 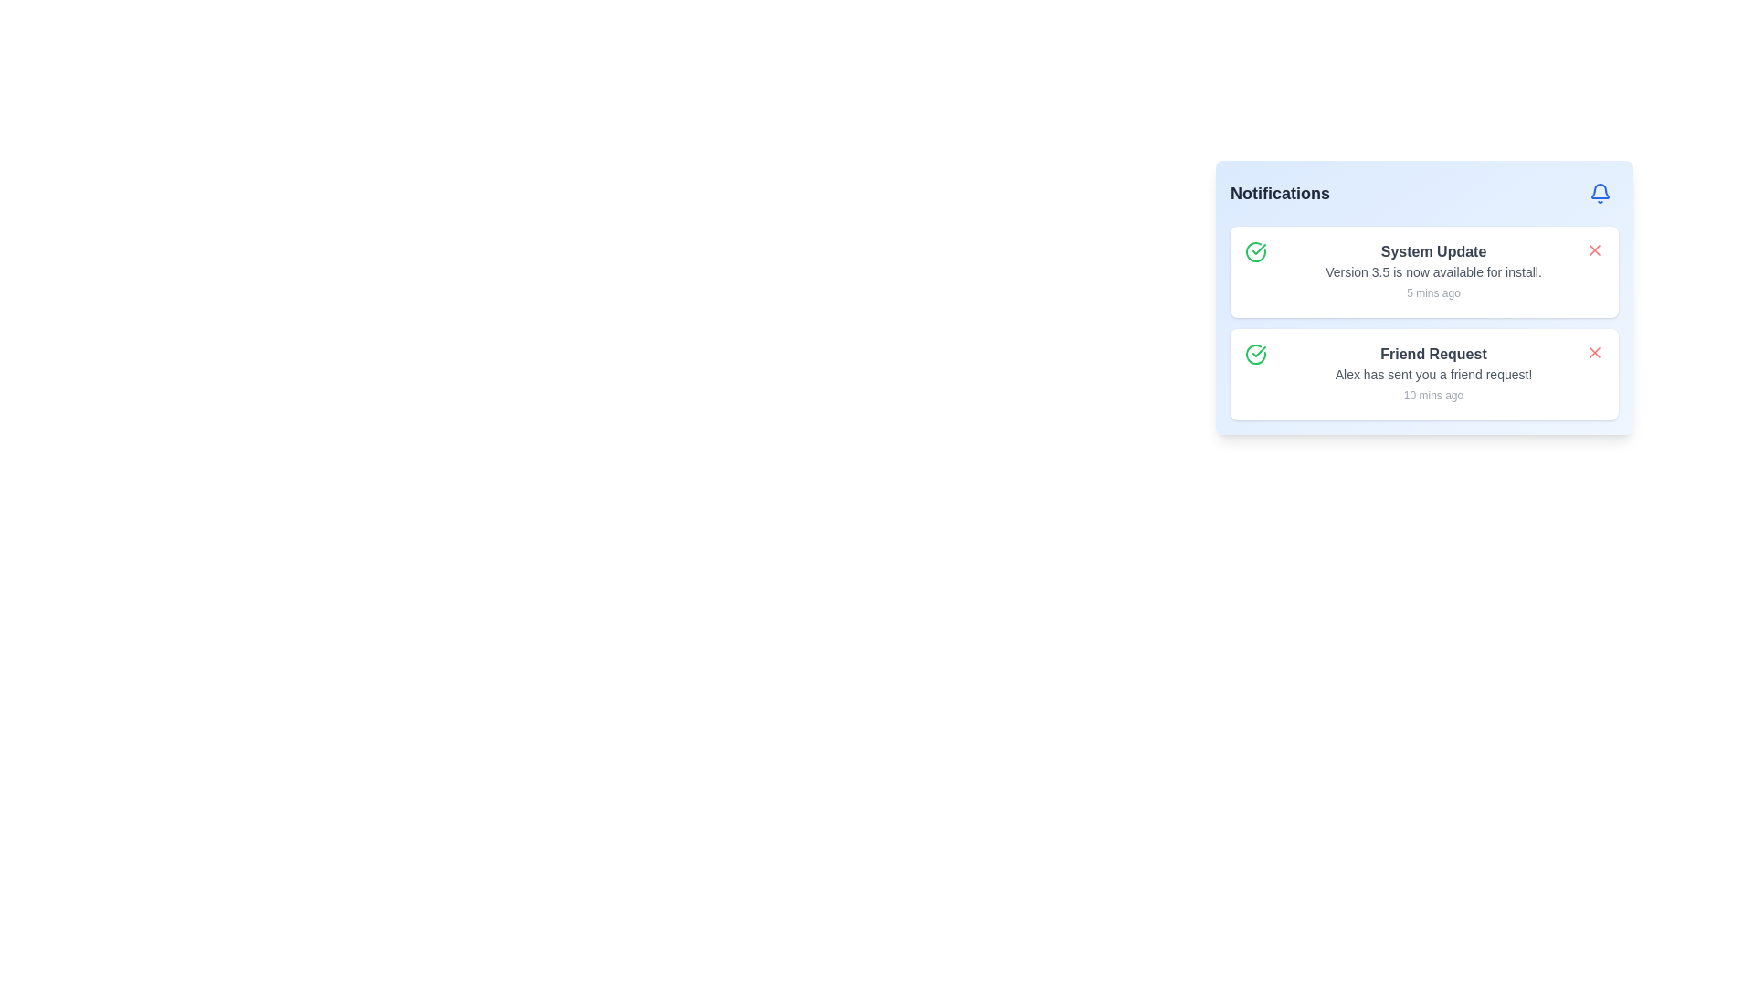 What do you see at coordinates (1432, 373) in the screenshot?
I see `the text label that describes the friend request notification from Alex, located in the second notification card of the notification panel` at bounding box center [1432, 373].